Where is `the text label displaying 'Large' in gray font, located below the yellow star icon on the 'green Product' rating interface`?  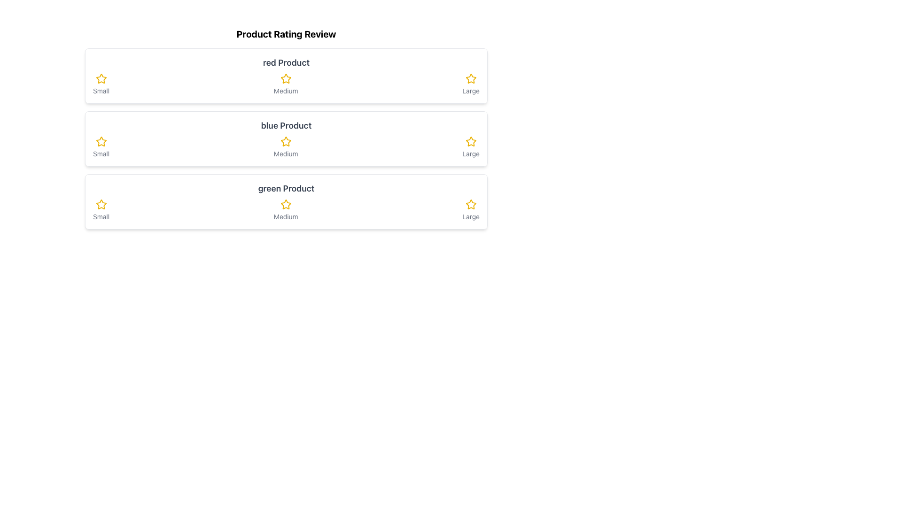
the text label displaying 'Large' in gray font, located below the yellow star icon on the 'green Product' rating interface is located at coordinates (471, 217).